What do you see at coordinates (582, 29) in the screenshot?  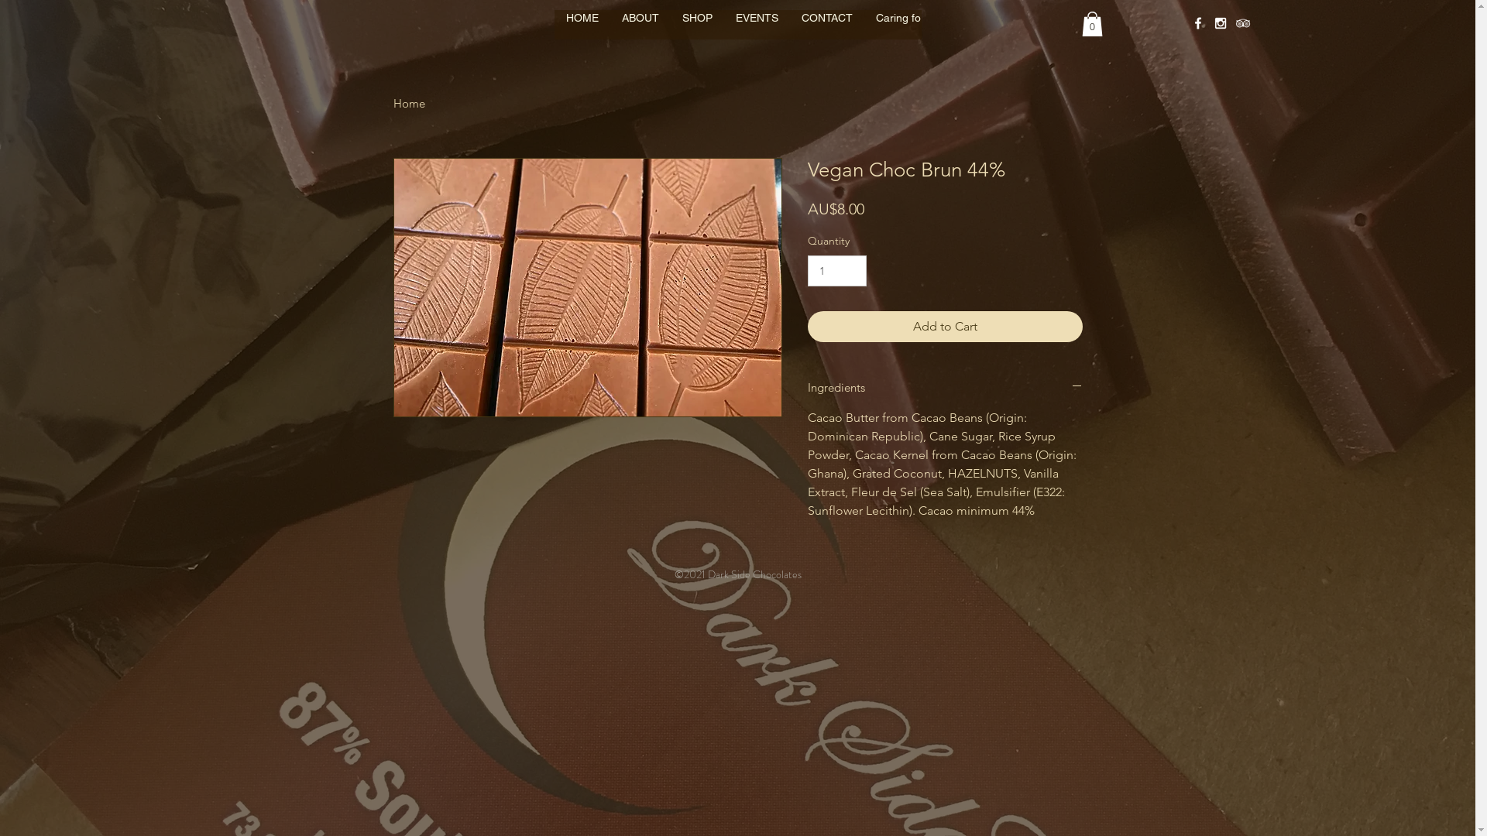 I see `'HOME'` at bounding box center [582, 29].